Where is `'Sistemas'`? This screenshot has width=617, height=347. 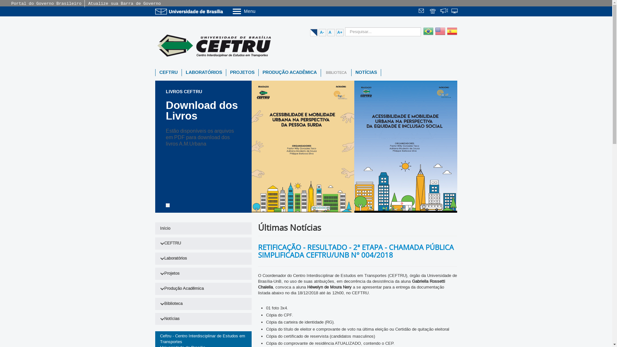 'Sistemas' is located at coordinates (455, 12).